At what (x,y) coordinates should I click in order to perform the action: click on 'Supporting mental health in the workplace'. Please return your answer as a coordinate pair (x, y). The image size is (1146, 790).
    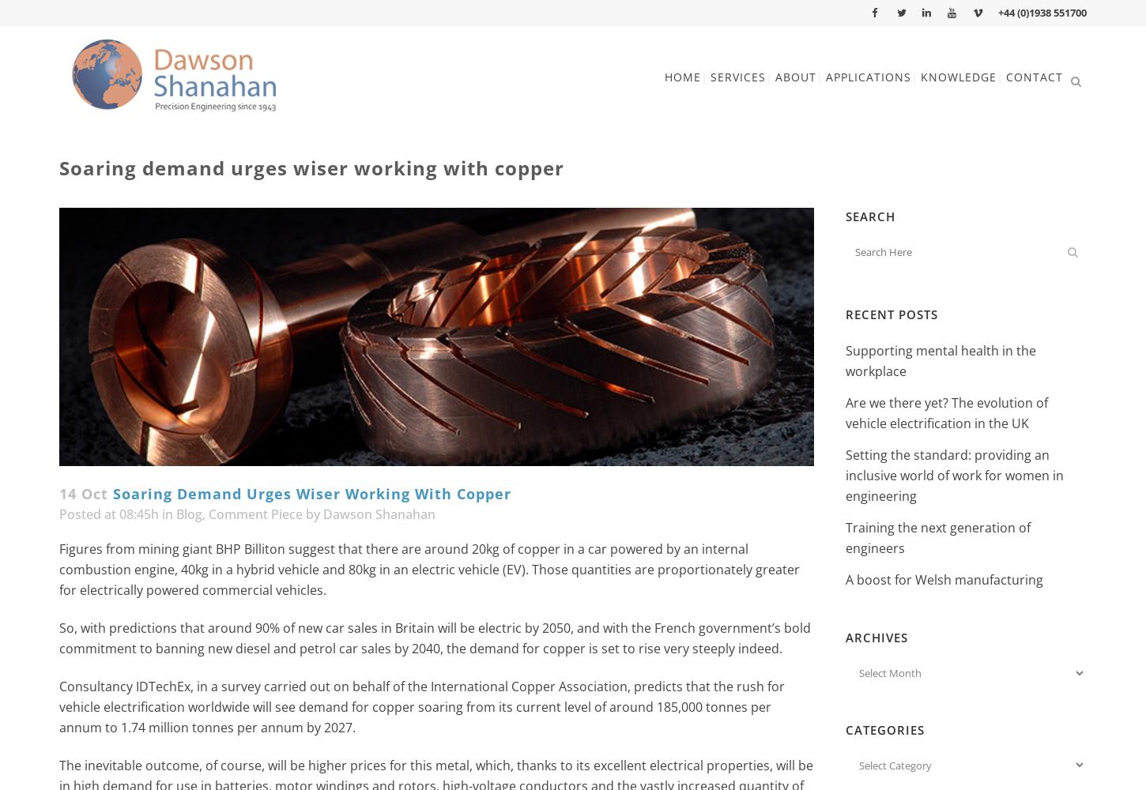
    Looking at the image, I should click on (940, 360).